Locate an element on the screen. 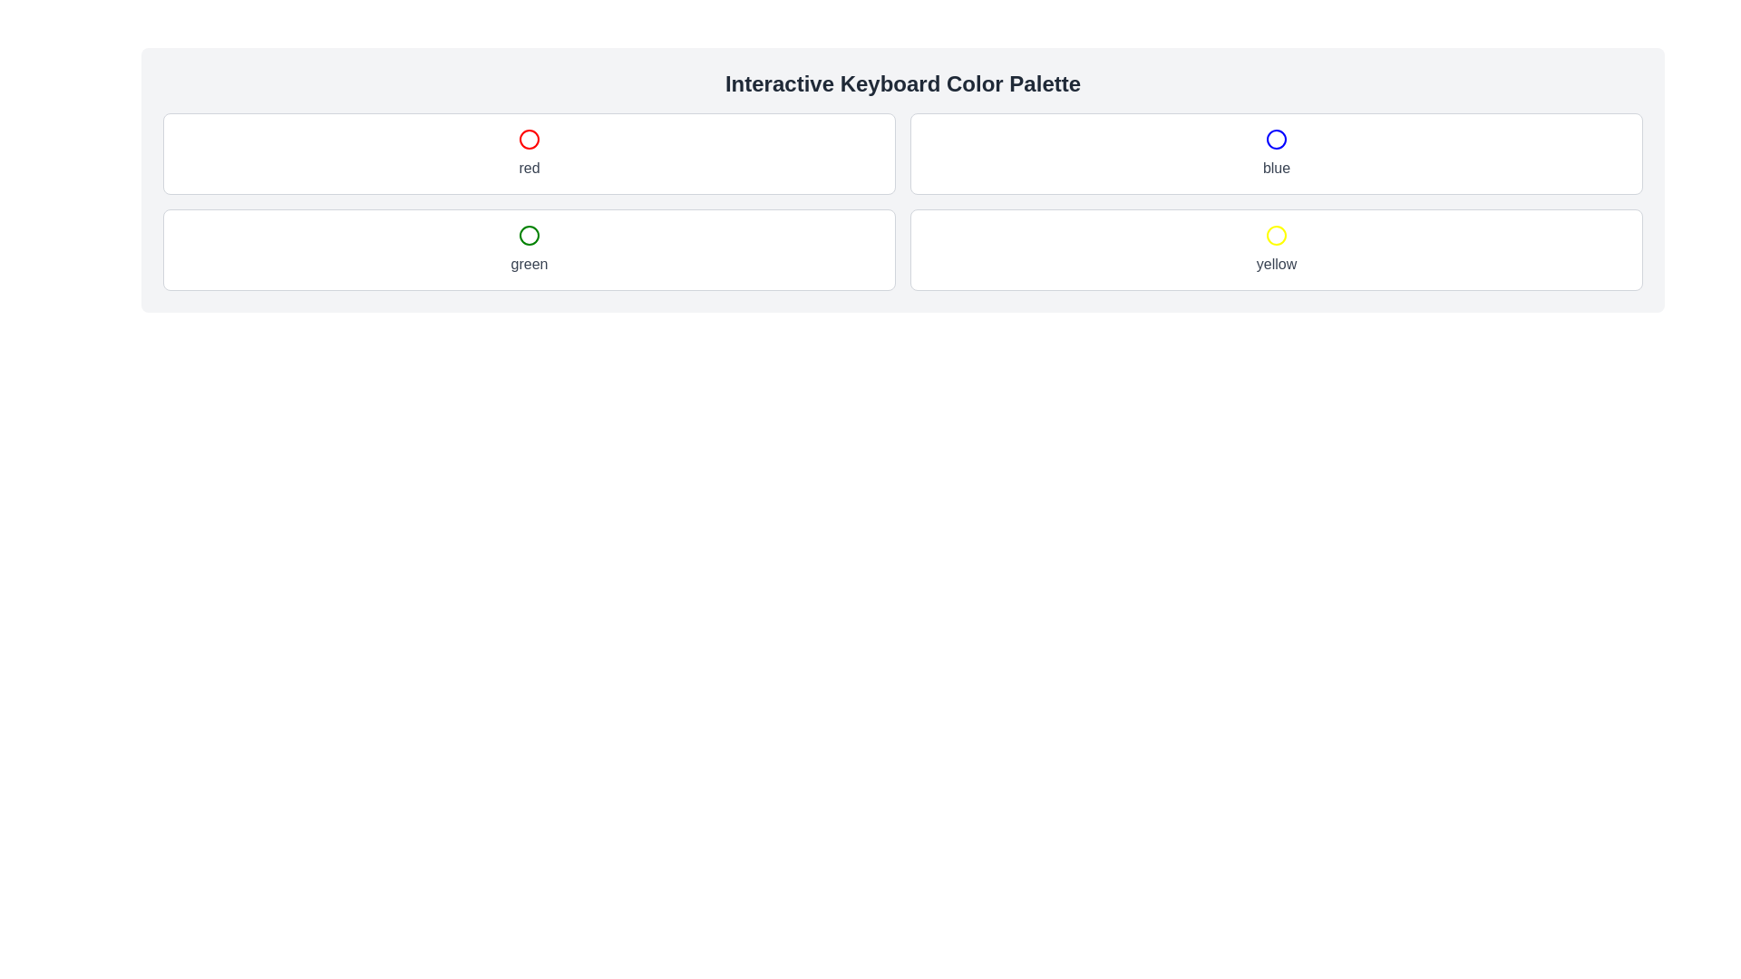  the yellow Circle SVG element in the interactive keyboard color palette, located in the bottom row of a 2x2 grid, second position from the left is located at coordinates (1275, 234).